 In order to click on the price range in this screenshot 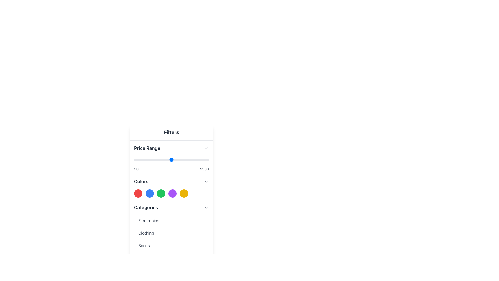, I will do `click(180, 159)`.